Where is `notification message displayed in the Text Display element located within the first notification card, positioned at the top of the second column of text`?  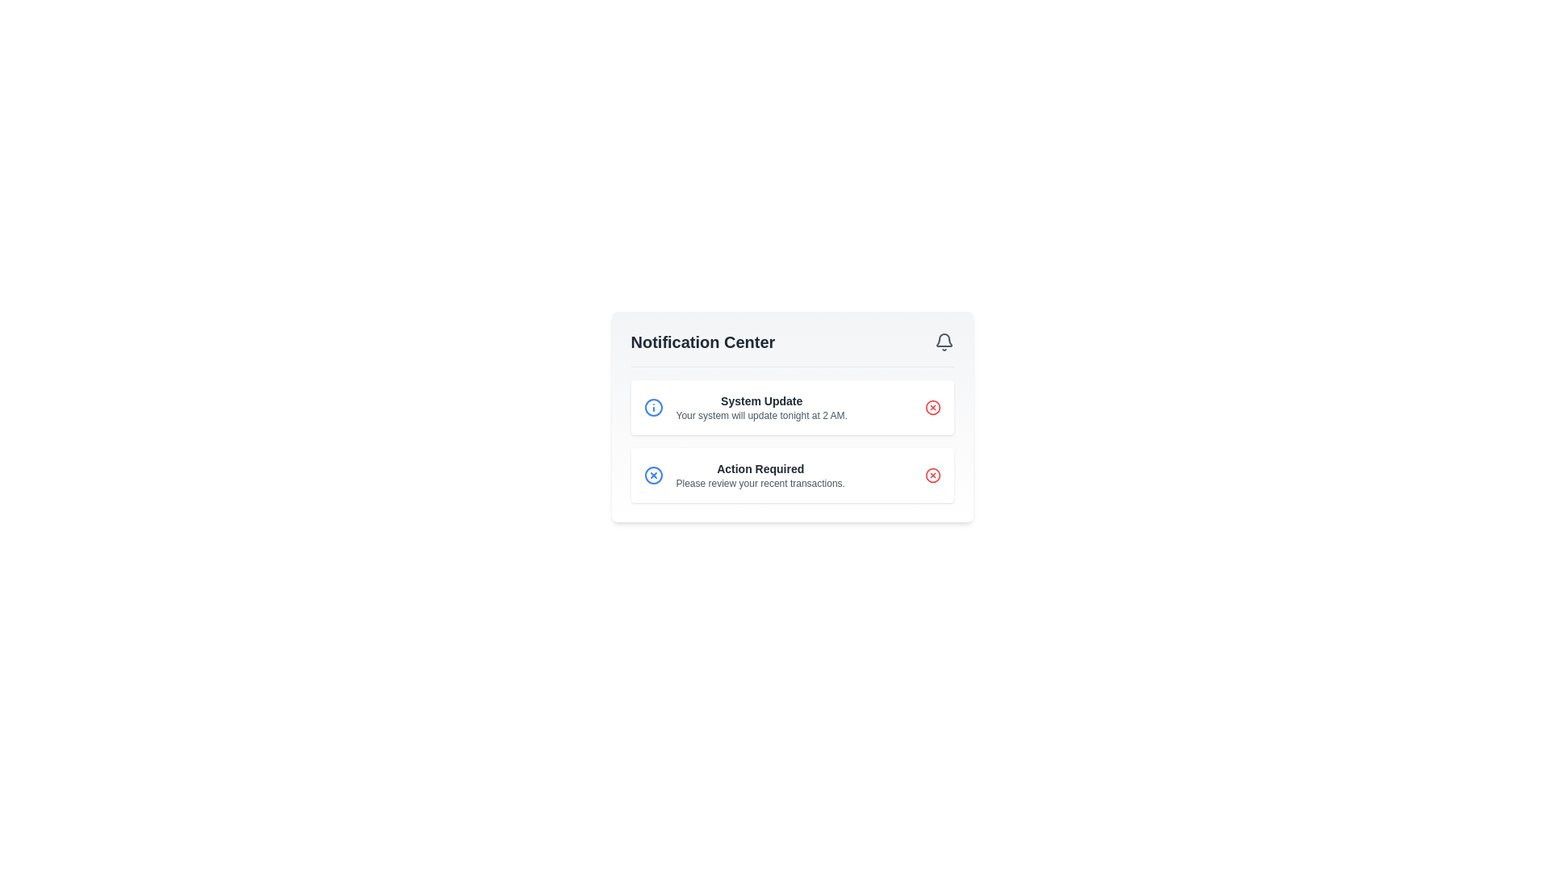
notification message displayed in the Text Display element located within the first notification card, positioned at the top of the second column of text is located at coordinates (760, 407).